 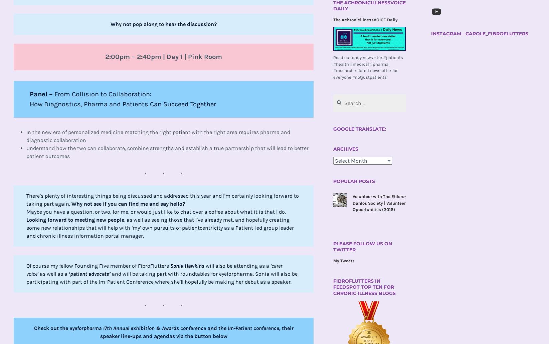 I want to click on 'FibroFlutters in FEEDSPOT Top Ten for chronic illness blogs', so click(x=364, y=287).